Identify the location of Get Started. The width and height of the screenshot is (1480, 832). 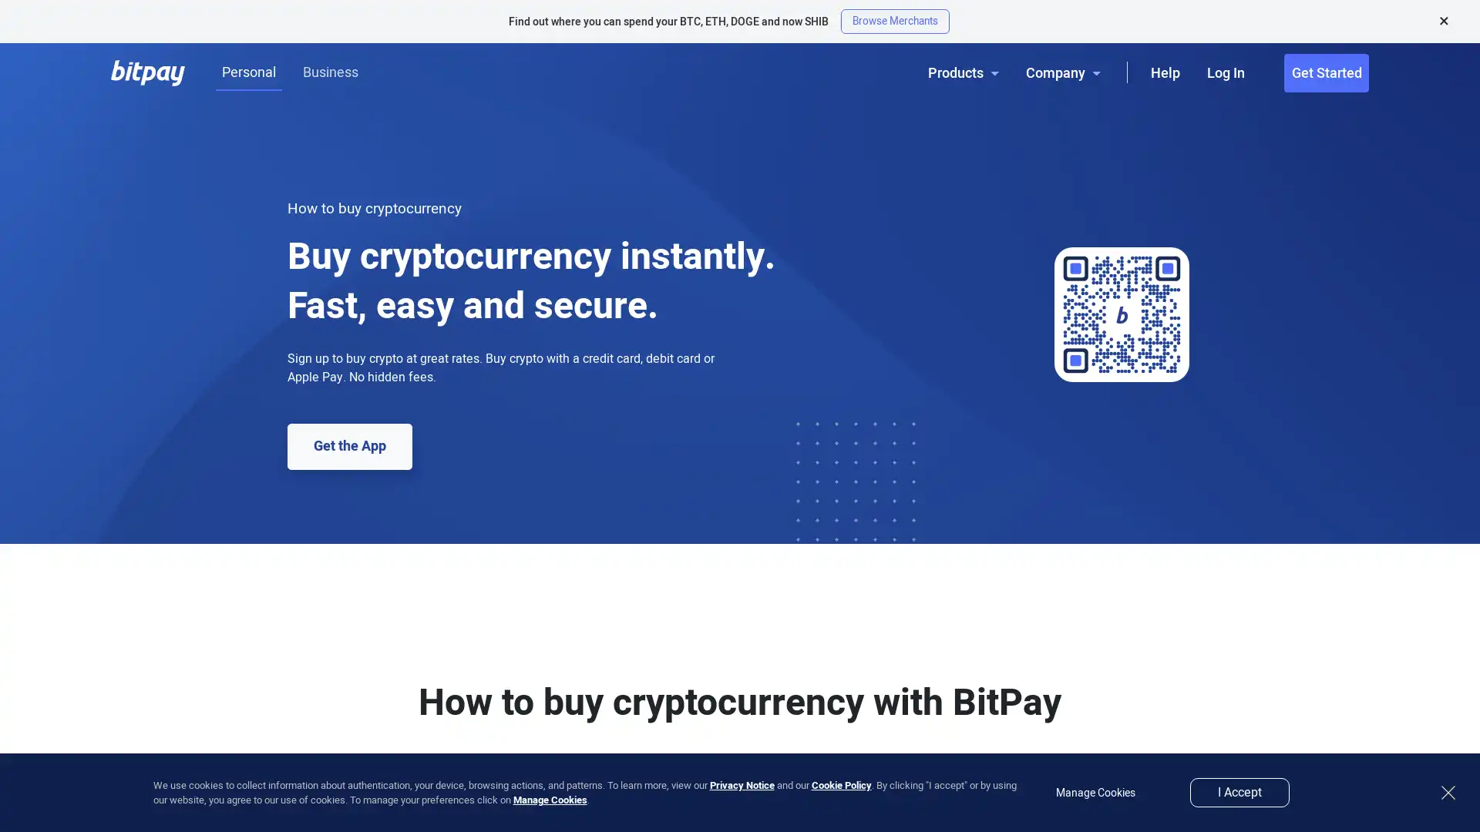
(1326, 73).